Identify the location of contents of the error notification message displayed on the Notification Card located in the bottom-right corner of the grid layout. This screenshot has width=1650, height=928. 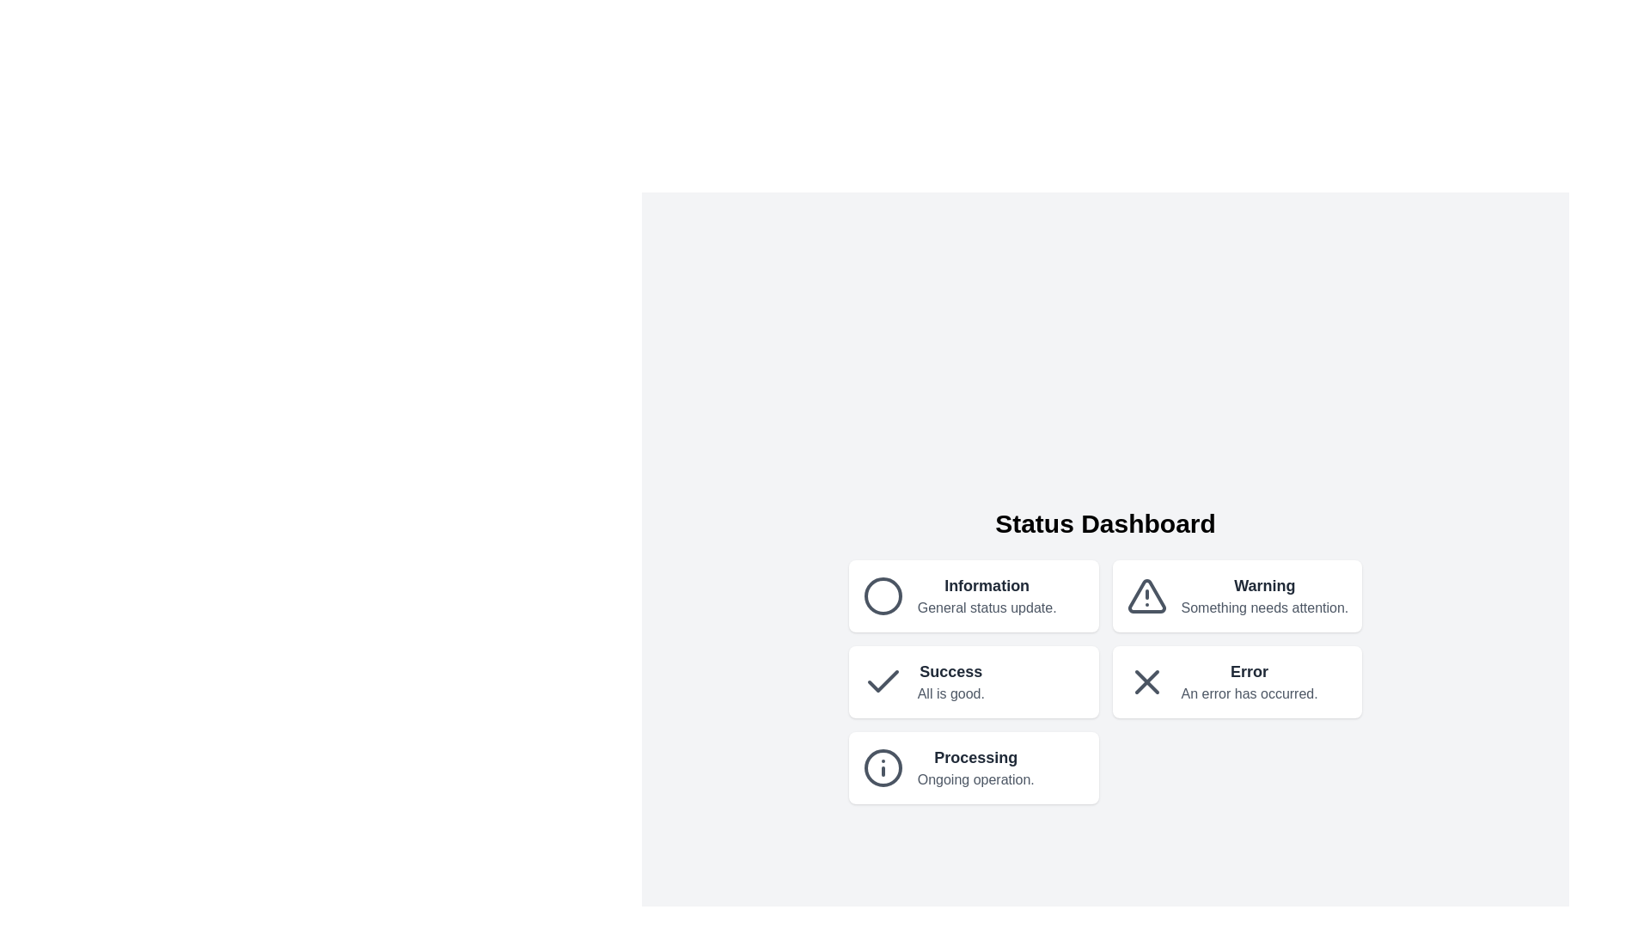
(1237, 681).